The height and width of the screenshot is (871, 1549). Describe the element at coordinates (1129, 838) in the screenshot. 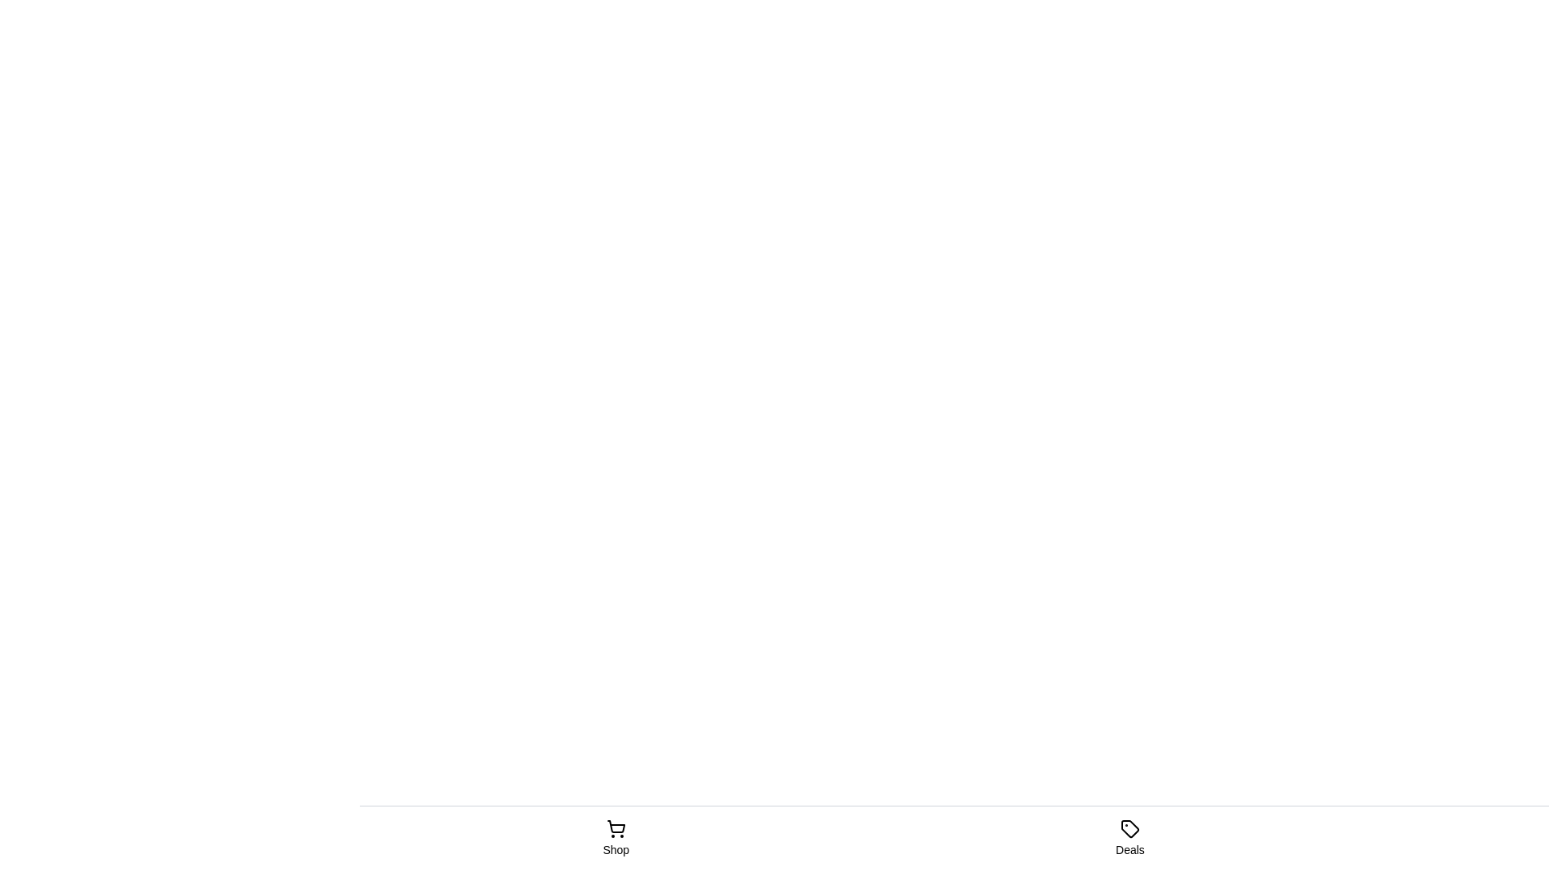

I see `the tab icon labeled Deals to observe feedback` at that location.